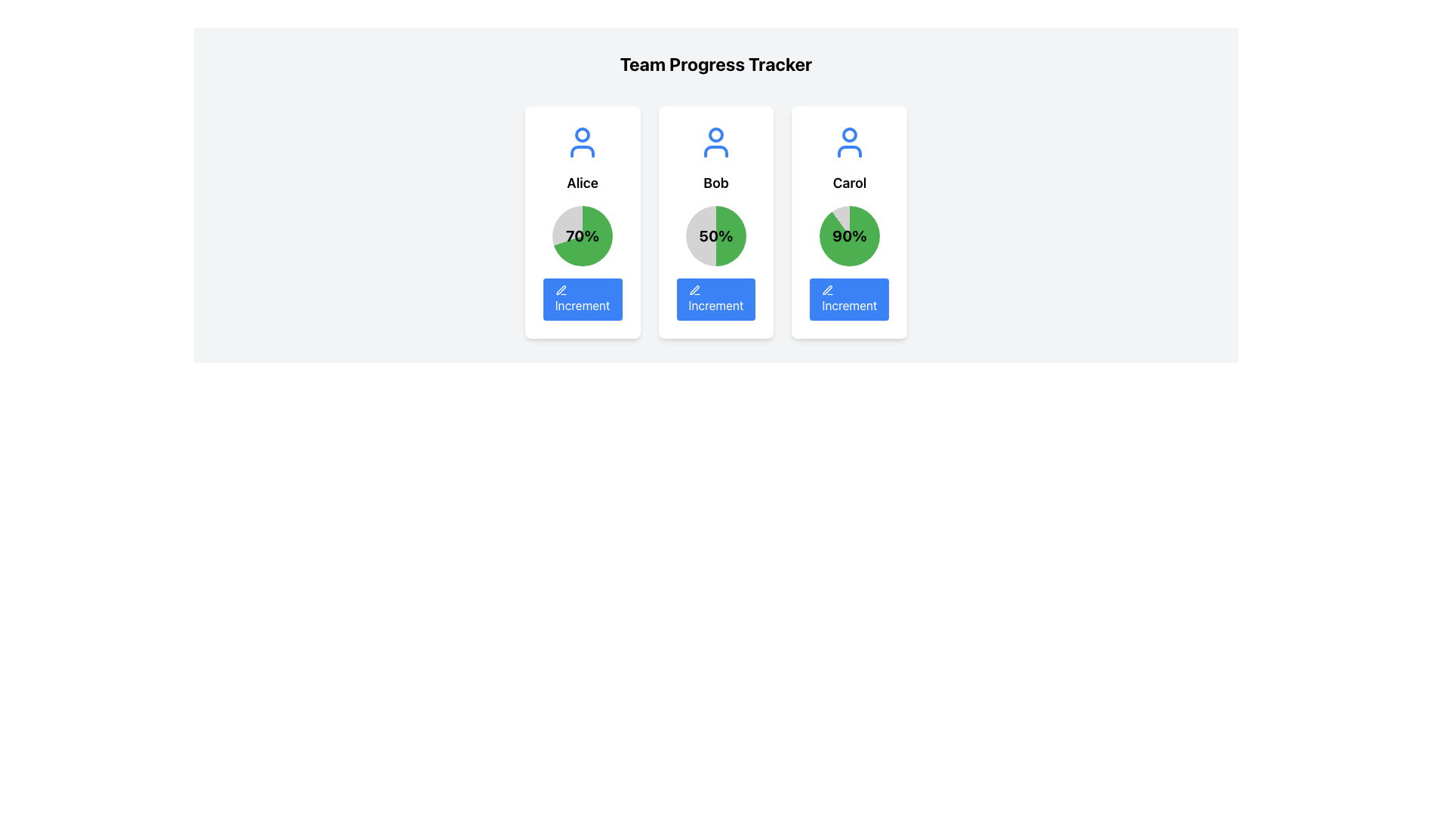 This screenshot has width=1449, height=815. I want to click on the 'Increment' button with a pencil icon located at the bottom of Alice's card, so click(582, 300).